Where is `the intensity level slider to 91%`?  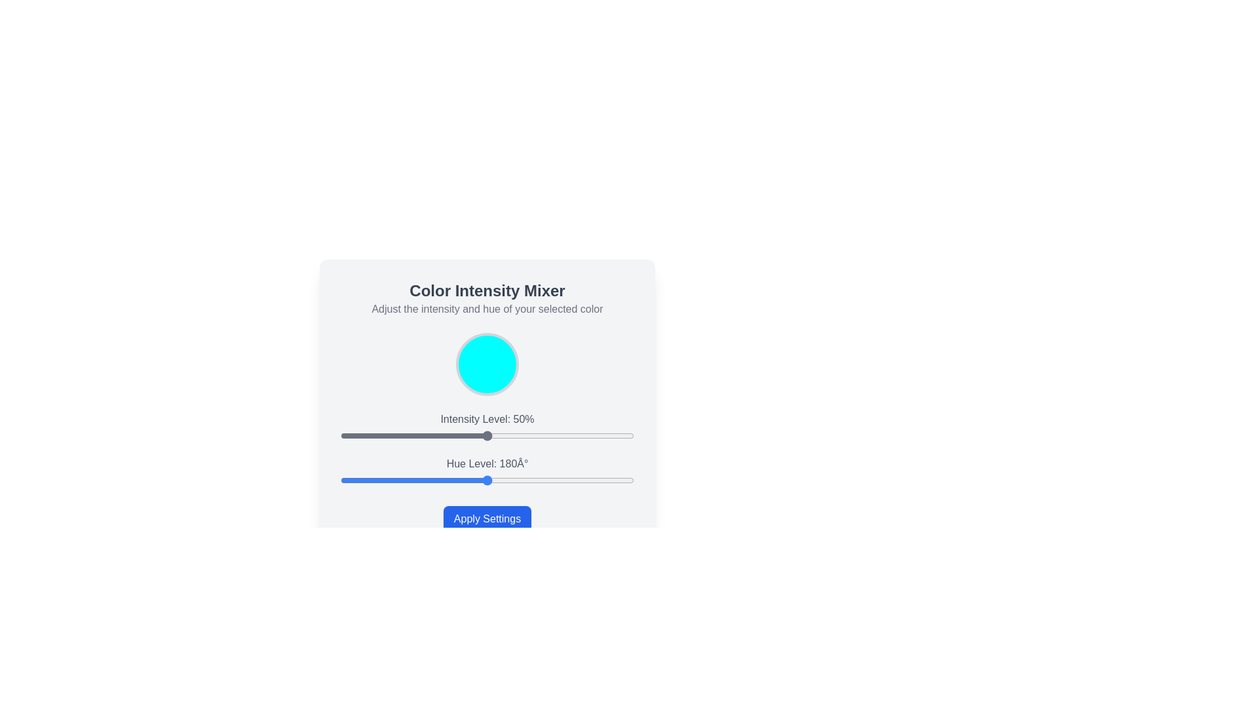
the intensity level slider to 91% is located at coordinates (607, 435).